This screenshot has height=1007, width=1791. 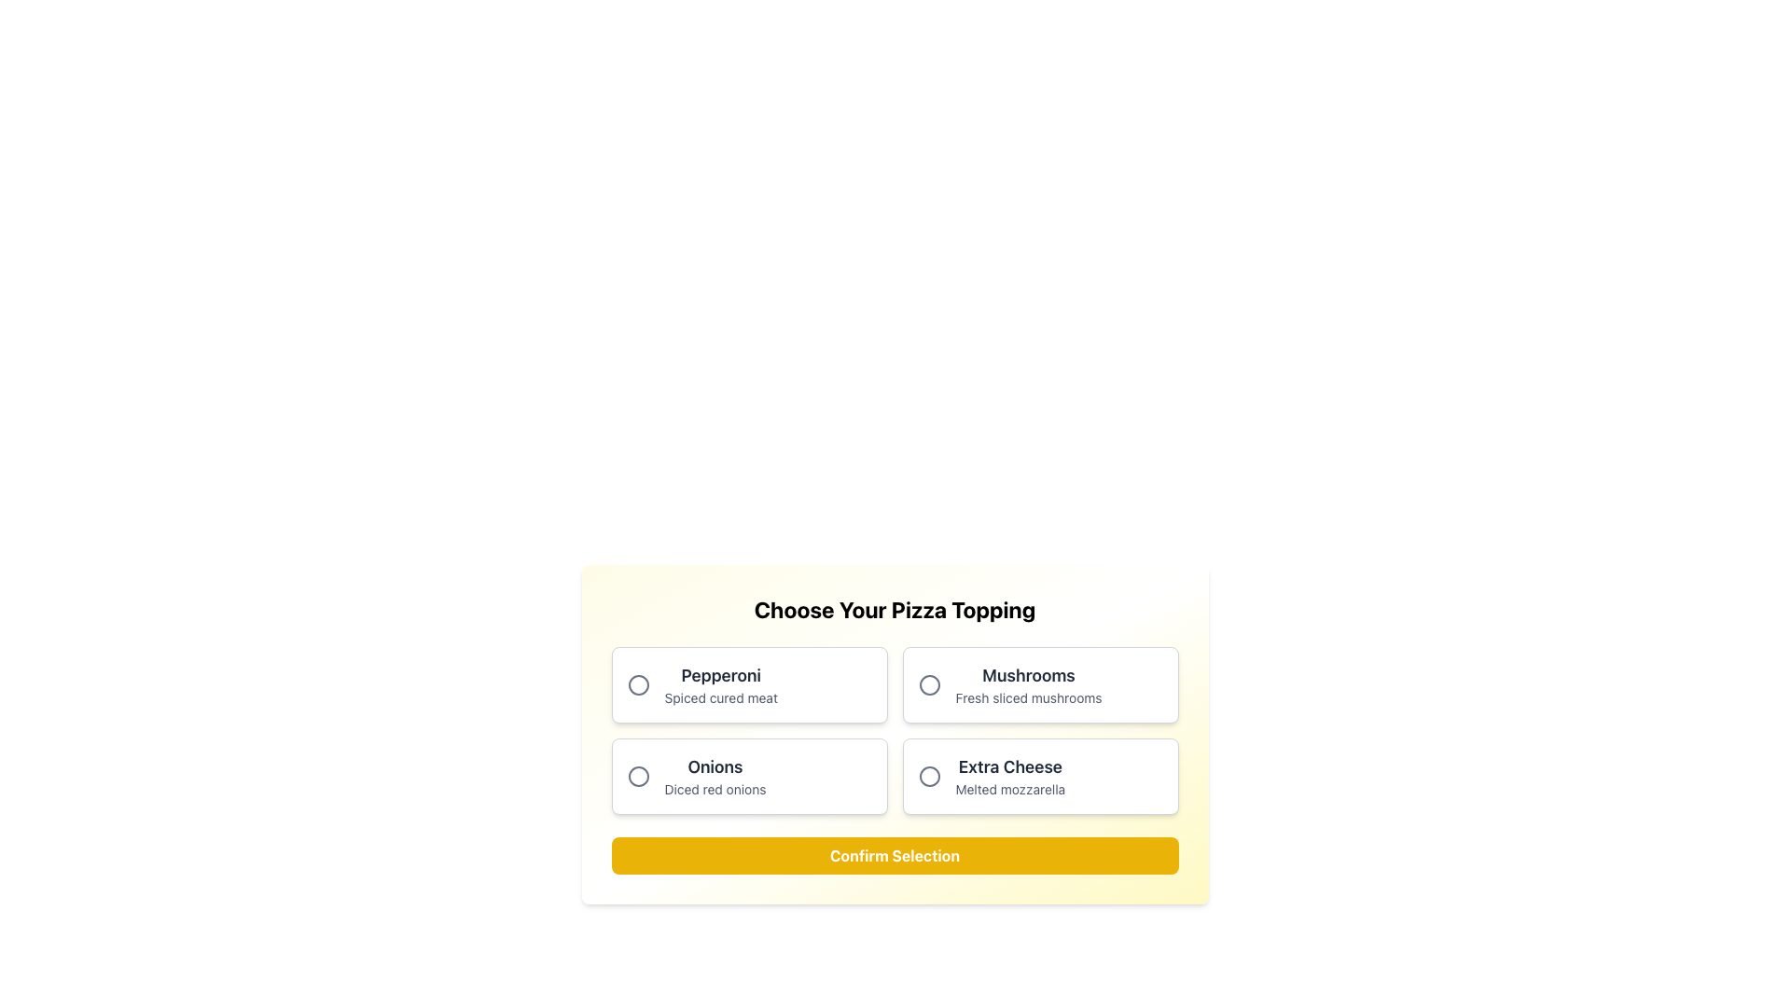 What do you see at coordinates (1028, 685) in the screenshot?
I see `text content displayed in the 'Mushrooms' topping information section located in the top-right corner of the group of four selectable options` at bounding box center [1028, 685].